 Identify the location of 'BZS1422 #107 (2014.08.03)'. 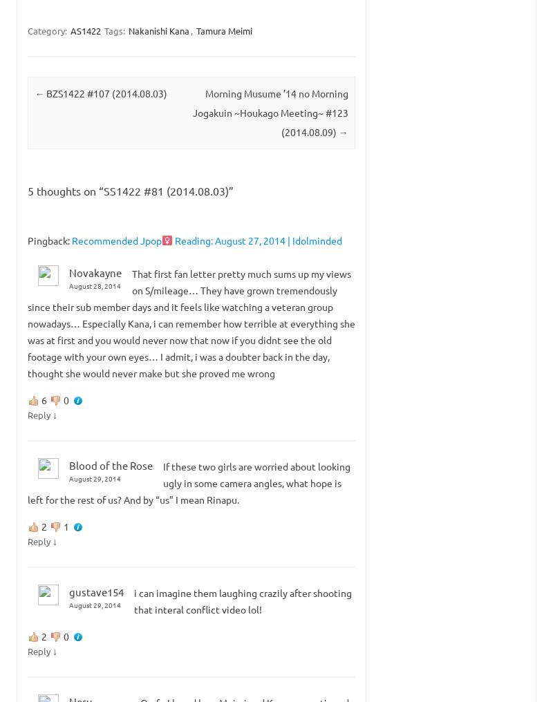
(106, 93).